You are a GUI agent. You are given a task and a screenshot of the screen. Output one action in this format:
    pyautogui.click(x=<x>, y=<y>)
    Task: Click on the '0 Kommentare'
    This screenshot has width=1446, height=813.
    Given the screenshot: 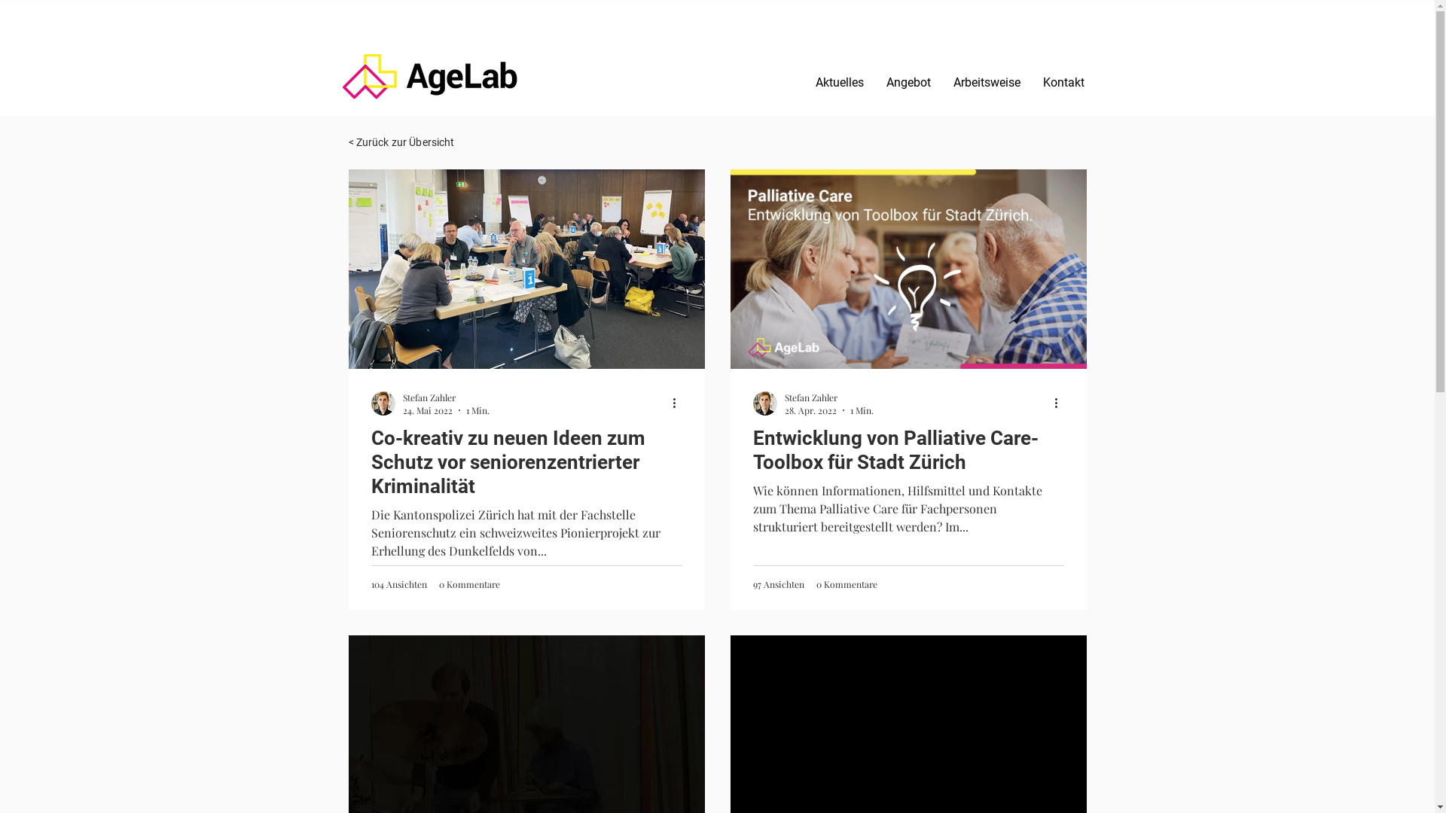 What is the action you would take?
    pyautogui.click(x=847, y=583)
    